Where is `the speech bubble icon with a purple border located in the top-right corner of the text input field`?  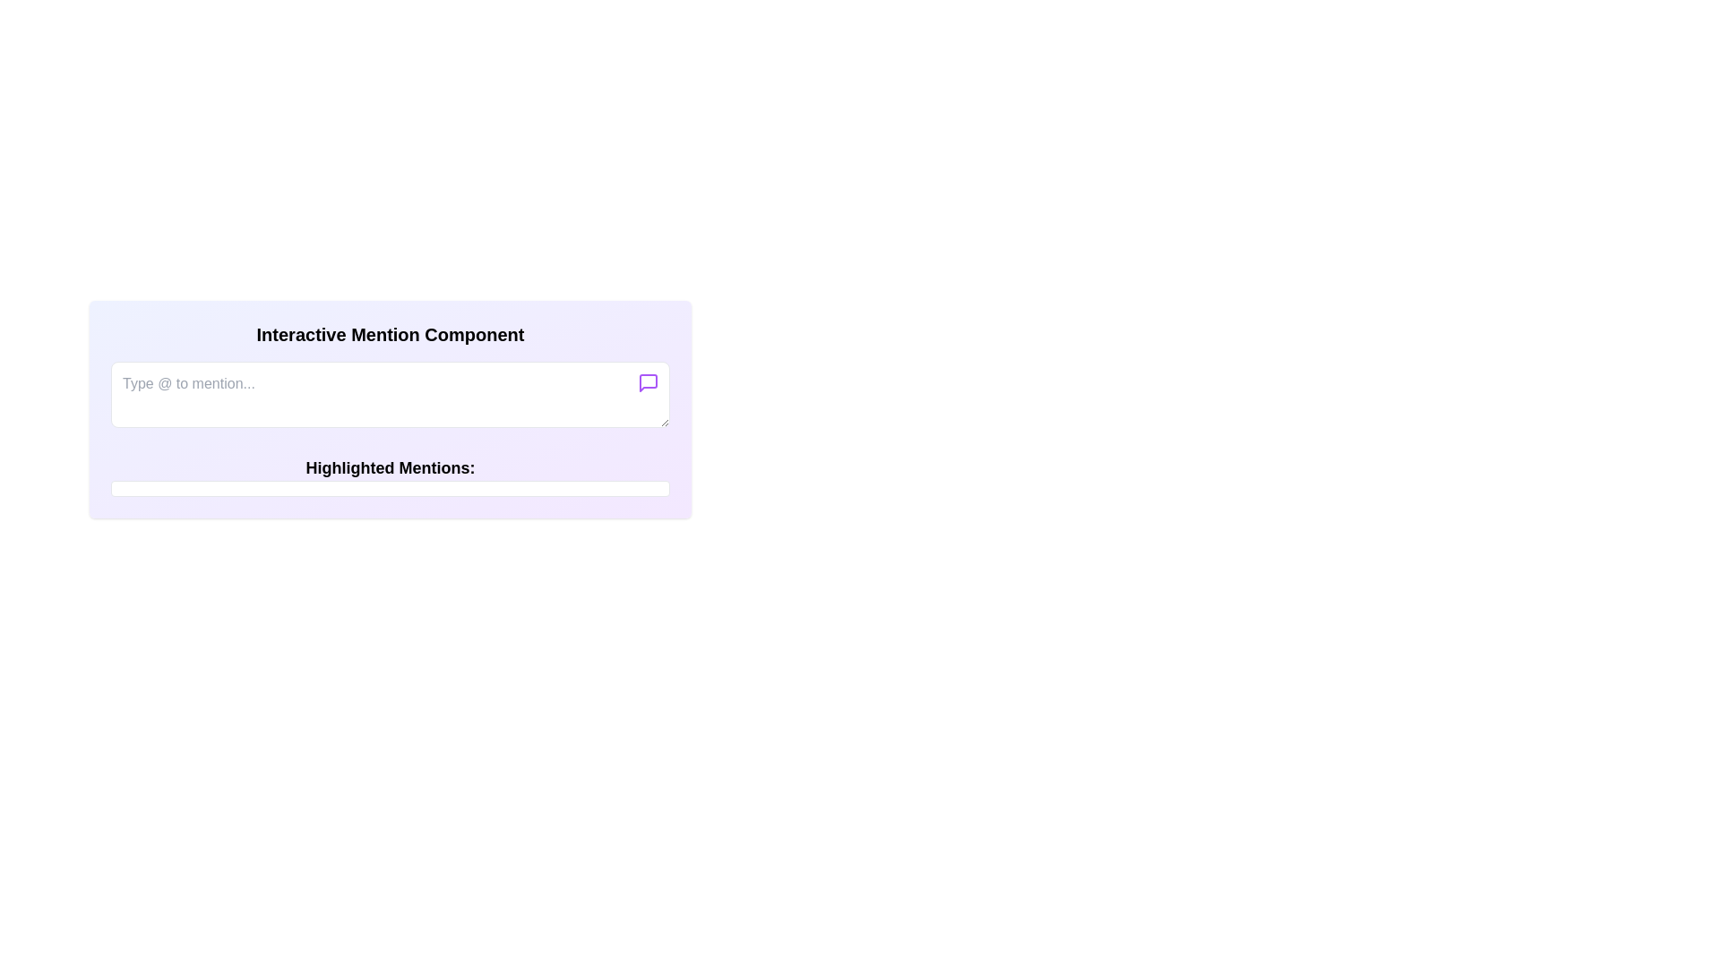 the speech bubble icon with a purple border located in the top-right corner of the text input field is located at coordinates (648, 382).